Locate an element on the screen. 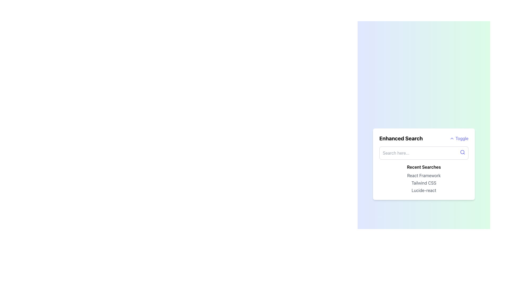 The image size is (509, 286). the search button icon located at the top-right corner of the search input field to observe styling changes is located at coordinates (462, 152).